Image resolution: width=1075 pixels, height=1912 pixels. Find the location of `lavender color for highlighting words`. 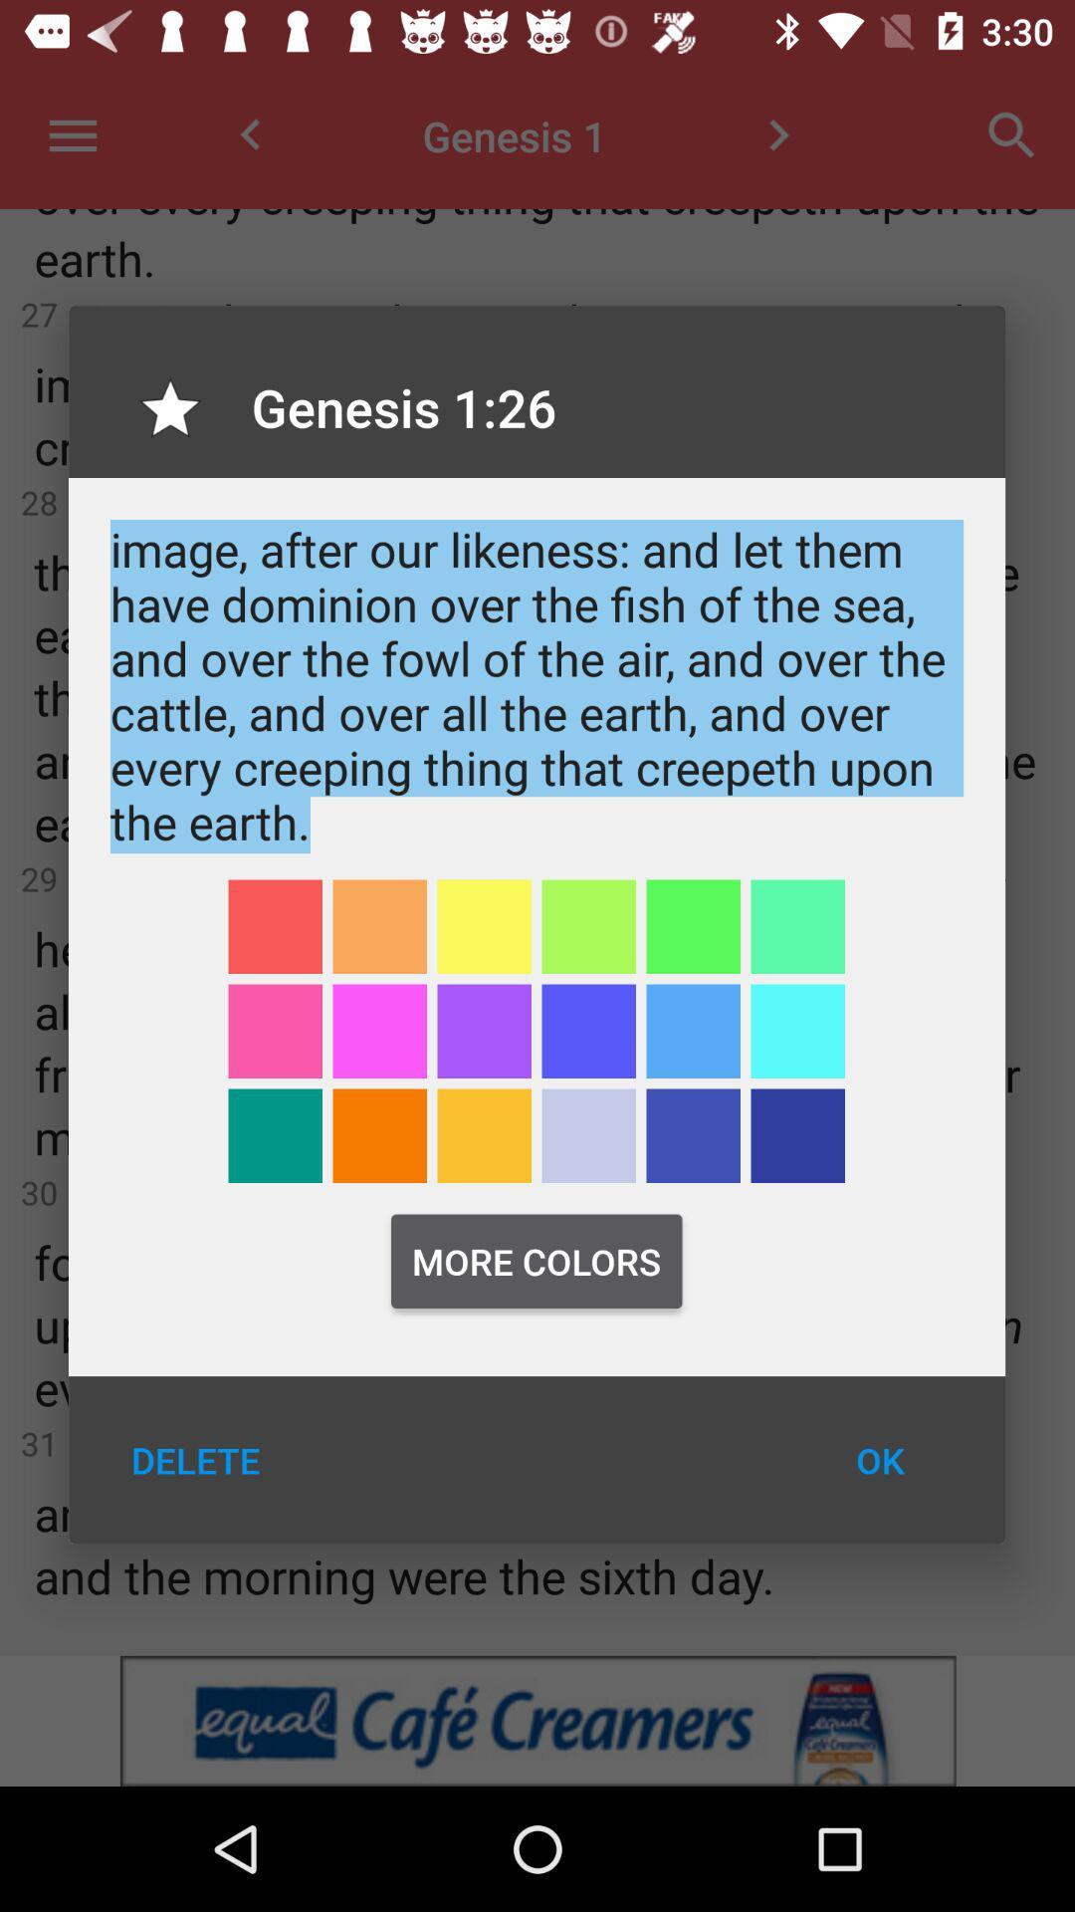

lavender color for highlighting words is located at coordinates (587, 1135).